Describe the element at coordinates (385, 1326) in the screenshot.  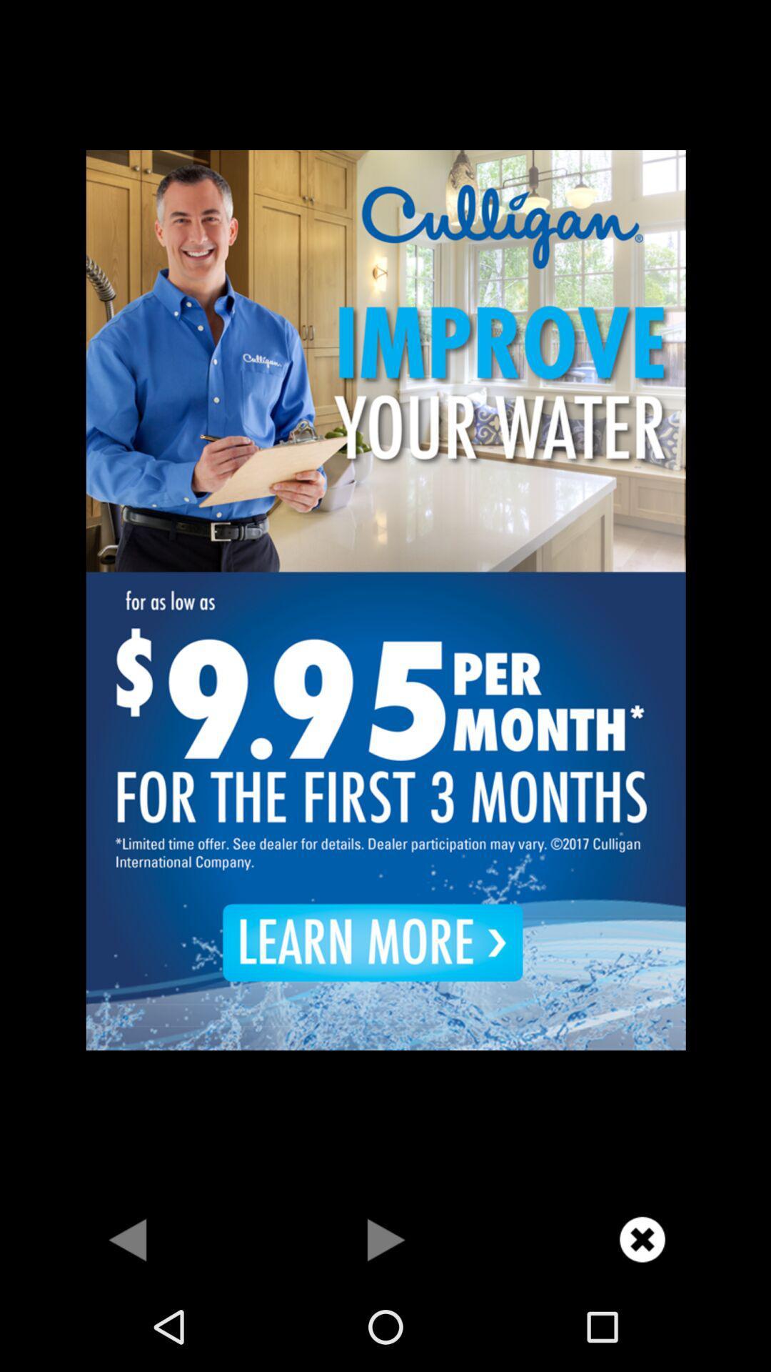
I see `the play icon` at that location.